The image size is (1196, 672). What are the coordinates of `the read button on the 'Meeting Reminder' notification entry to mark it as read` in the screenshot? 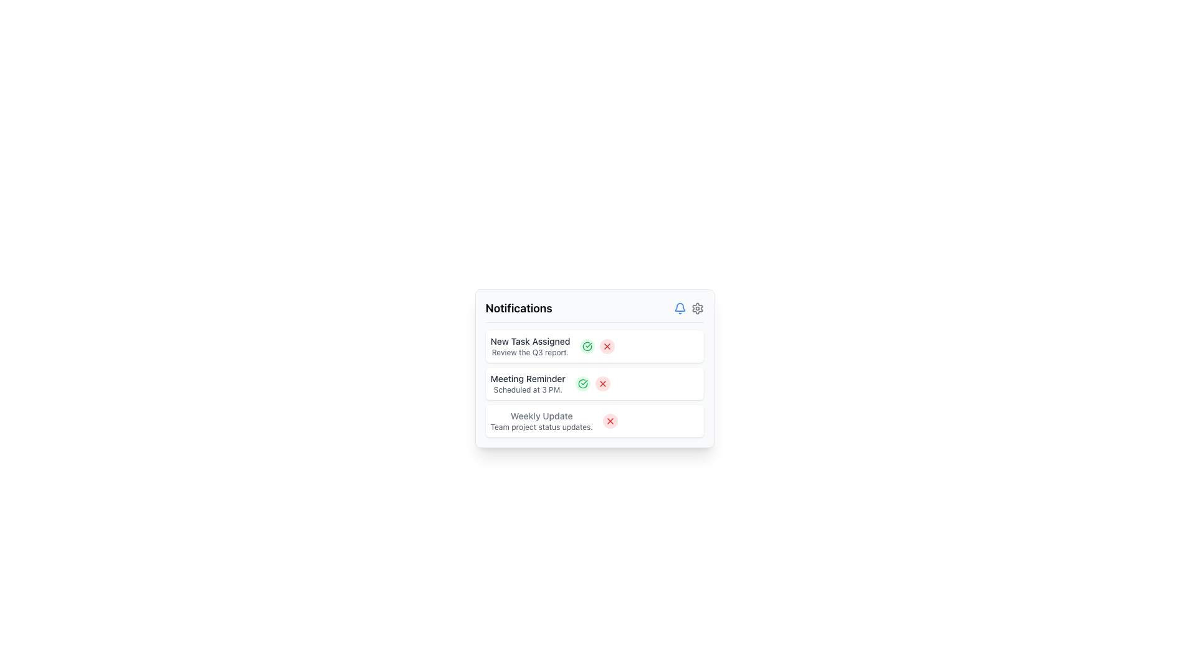 It's located at (594, 383).